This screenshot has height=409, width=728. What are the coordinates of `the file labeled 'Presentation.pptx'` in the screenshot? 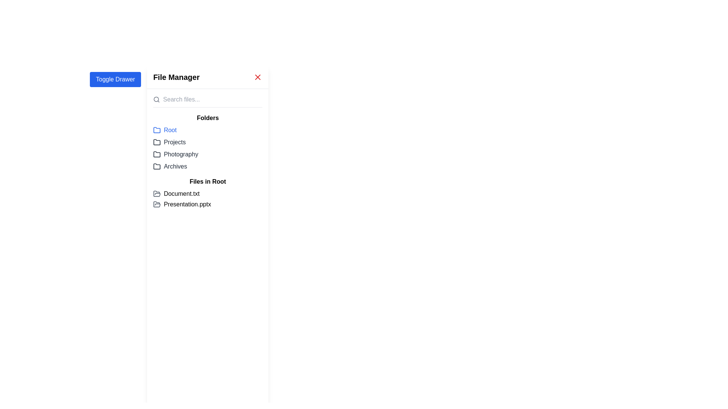 It's located at (208, 204).